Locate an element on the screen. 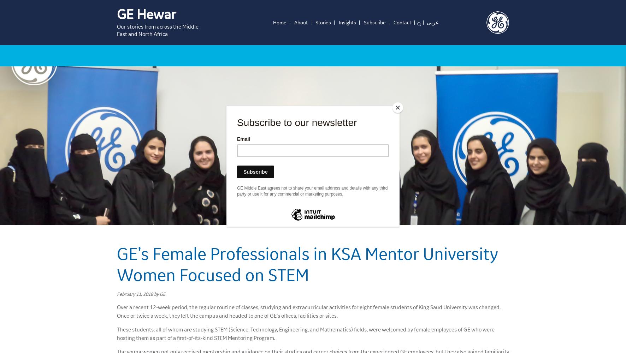 This screenshot has height=353, width=626. 'GE’s Female Professionals in KSA Mentor University Women Focused on STEM' is located at coordinates (117, 263).